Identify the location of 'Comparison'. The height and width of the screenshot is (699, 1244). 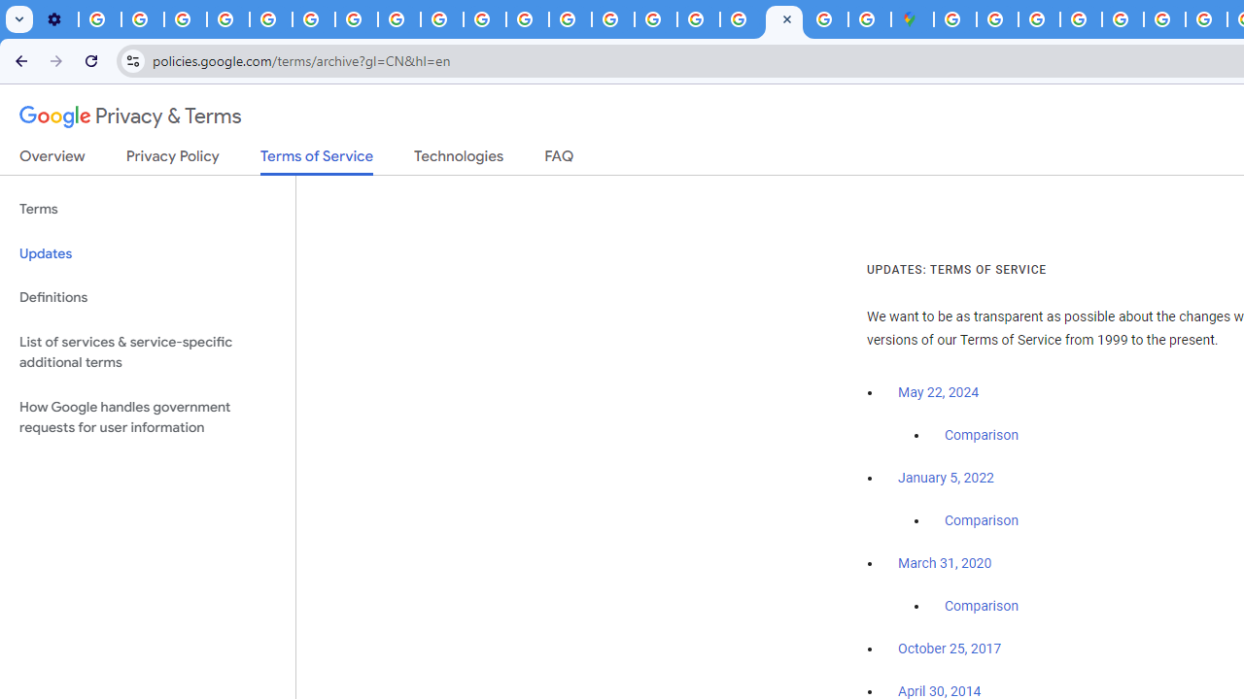
(981, 606).